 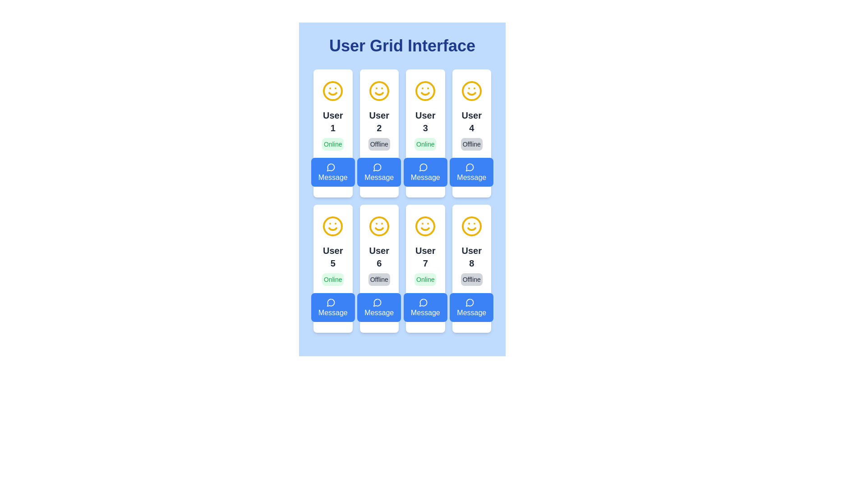 I want to click on the decorative smiling face icon located inside the tile for 'User 2', which is positioned at the top-center of the tile in the first row and second column of the grid, so click(x=379, y=91).